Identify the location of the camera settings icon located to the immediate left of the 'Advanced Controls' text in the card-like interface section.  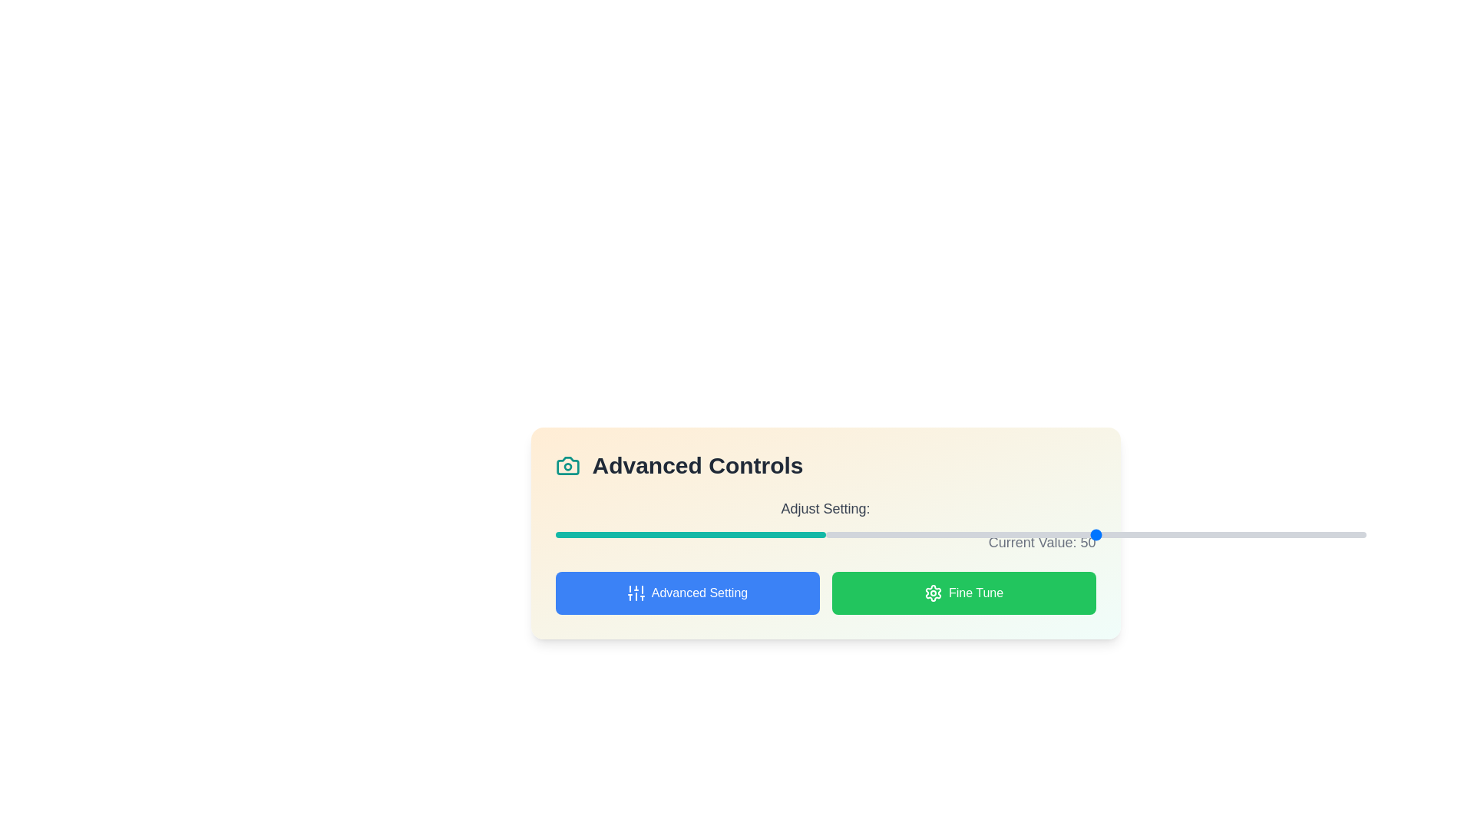
(567, 464).